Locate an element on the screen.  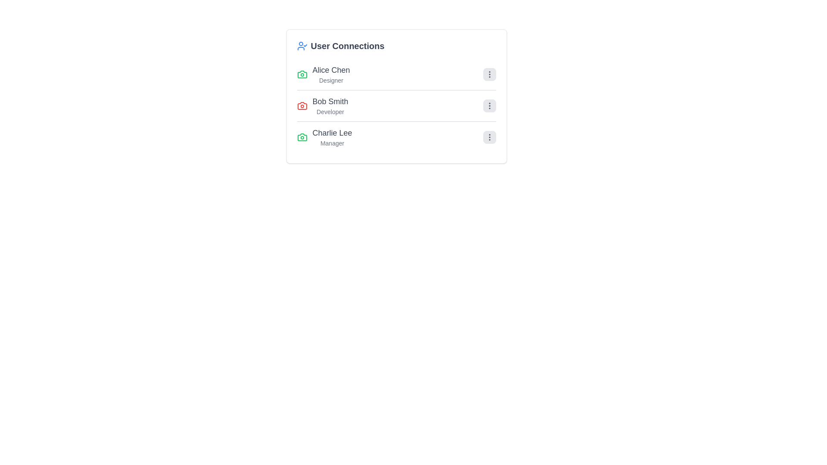
the user information card displaying the name 'Charlie Lee' and the title 'Manager', which is the third card in the 'User Connections' section is located at coordinates (324, 137).